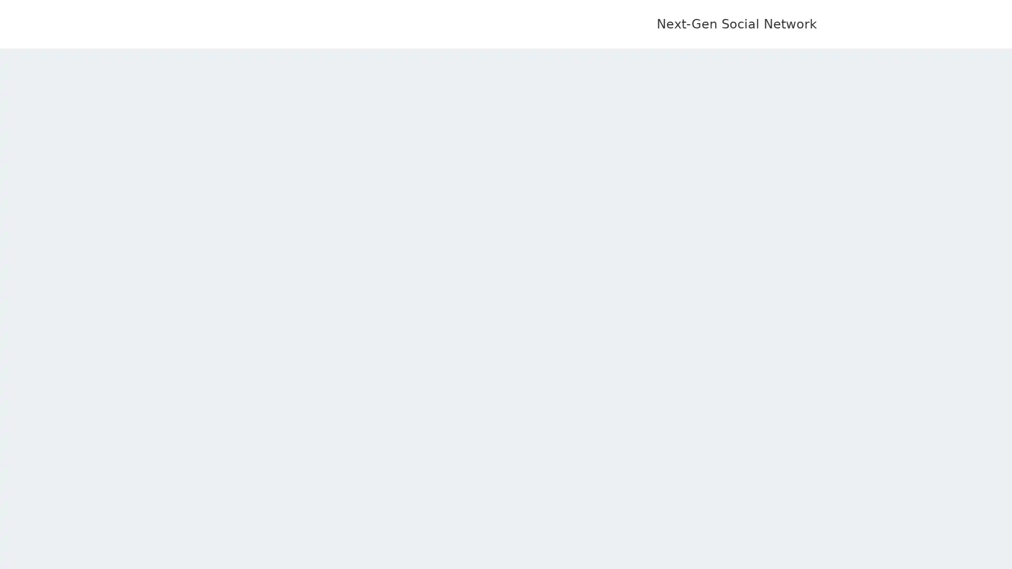 Image resolution: width=1012 pixels, height=569 pixels. What do you see at coordinates (551, 260) in the screenshot?
I see `Sign up` at bounding box center [551, 260].